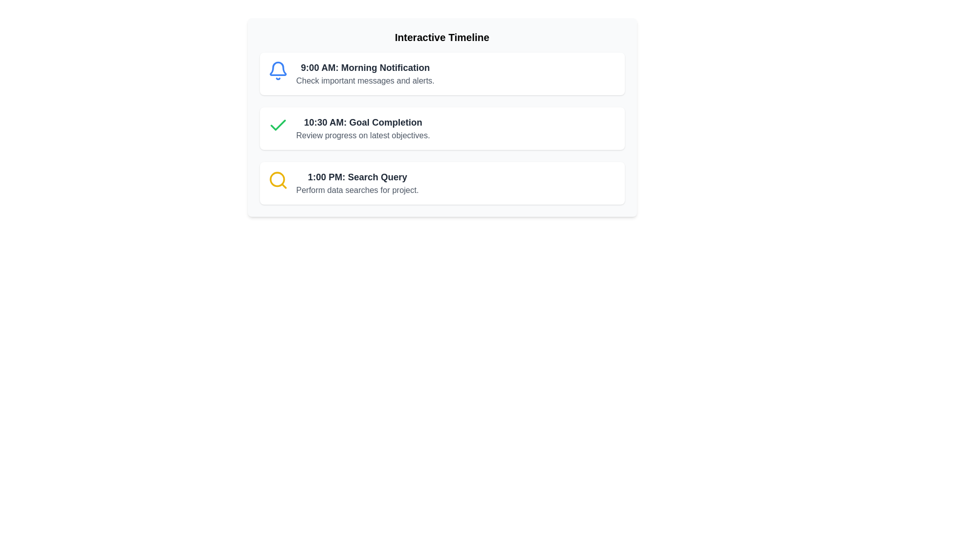 The image size is (973, 547). I want to click on the checkmark icon in the SVG, which is visually associated with the '10:30 AM: Goal Completion' entry in the interactive timeline, so click(278, 125).